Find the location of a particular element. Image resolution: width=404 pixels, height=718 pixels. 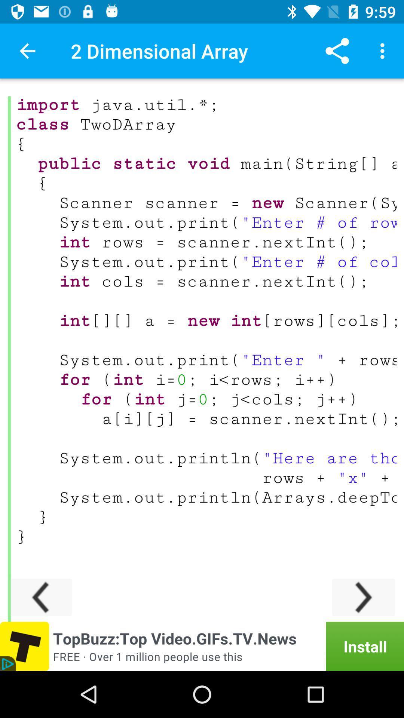

advertisement page is located at coordinates (202, 646).